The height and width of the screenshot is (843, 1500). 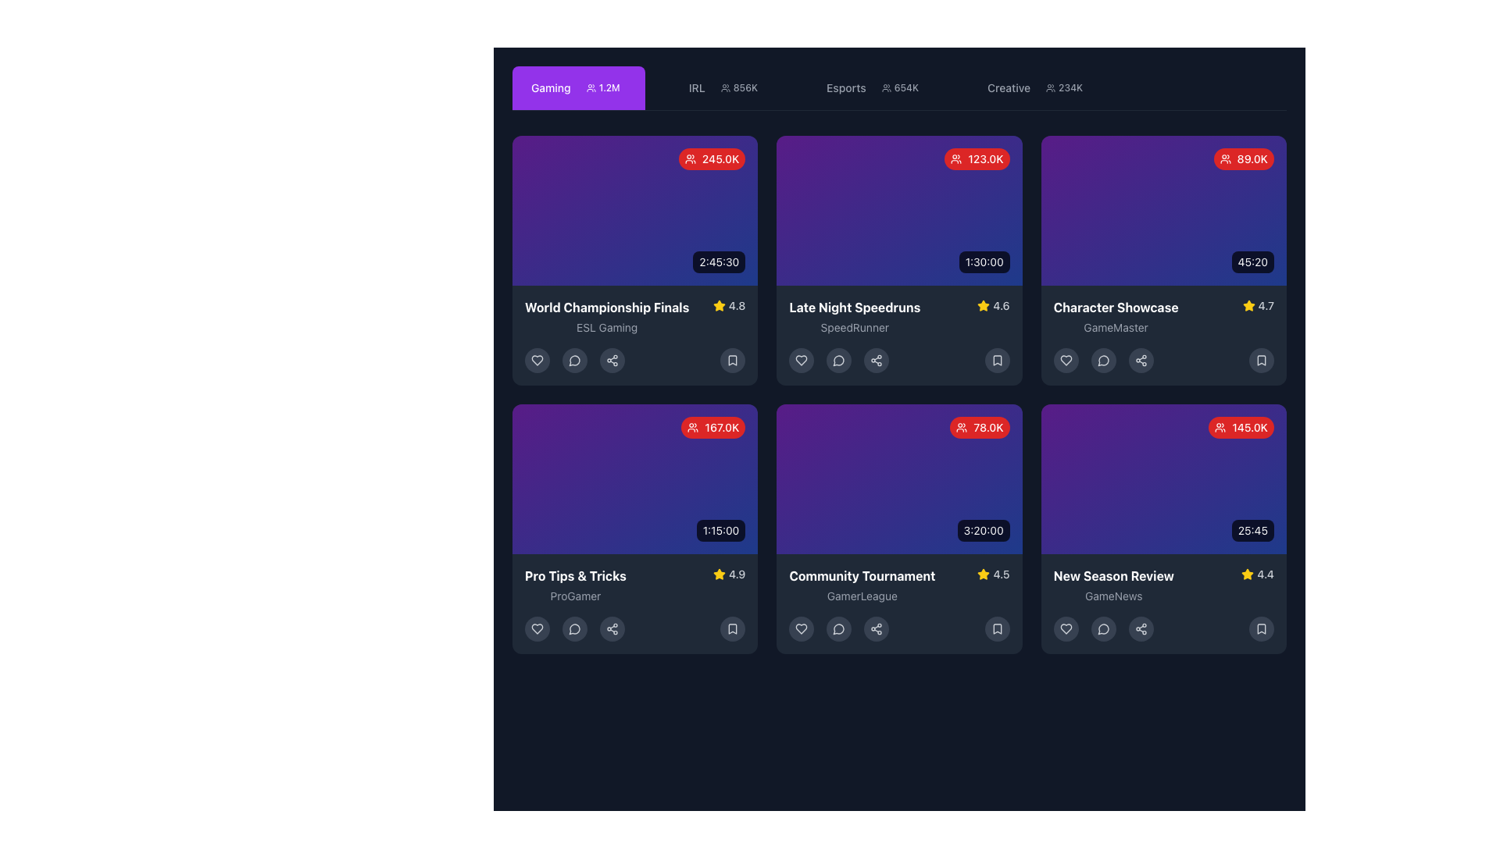 What do you see at coordinates (606, 327) in the screenshot?
I see `text content of the Text Label located at the bottom section of the 'World Championship Finals' card, positioned below the title text and above the interaction icons` at bounding box center [606, 327].